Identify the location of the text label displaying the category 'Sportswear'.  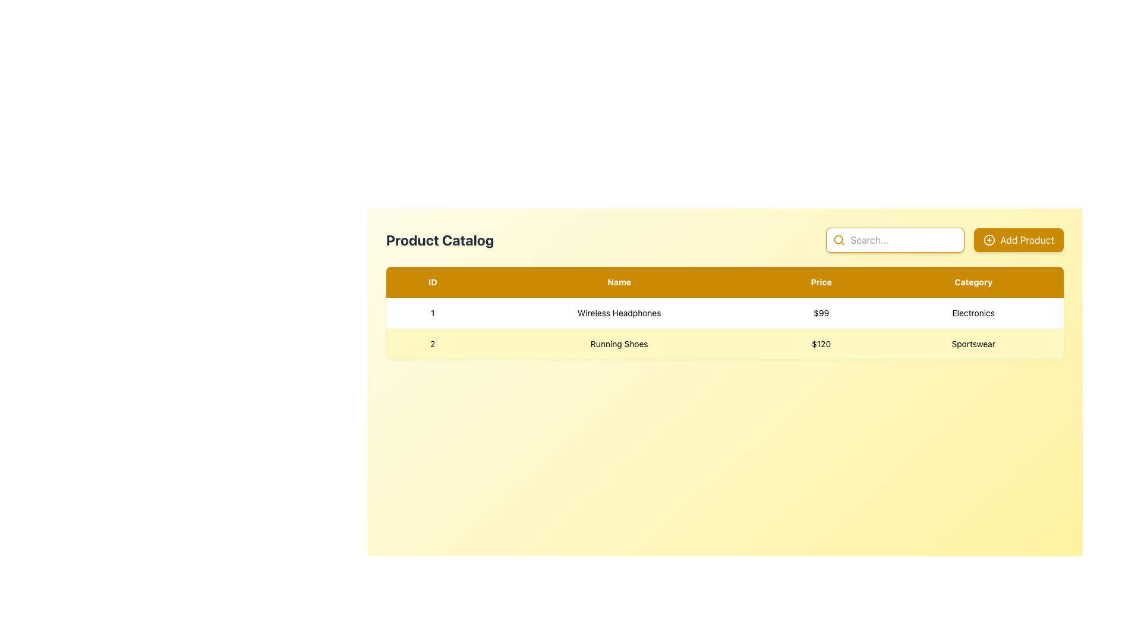
(973, 344).